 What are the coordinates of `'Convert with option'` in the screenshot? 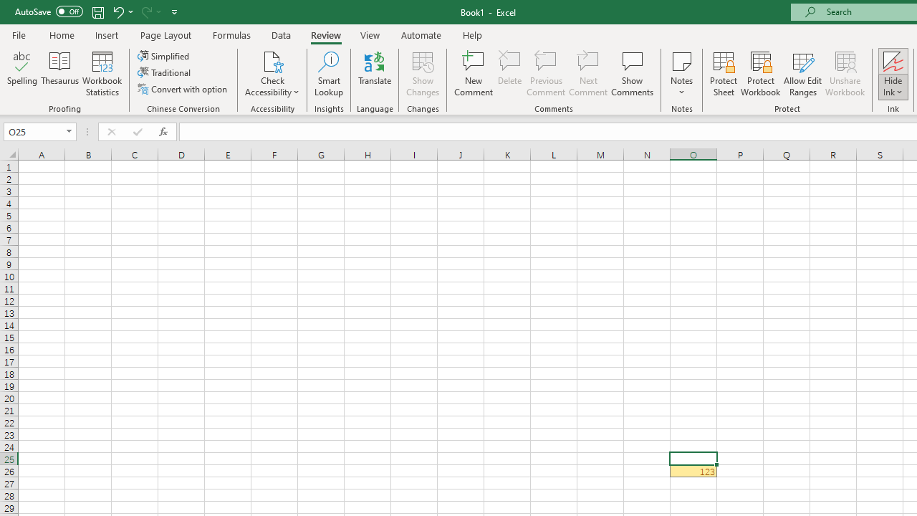 It's located at (183, 89).